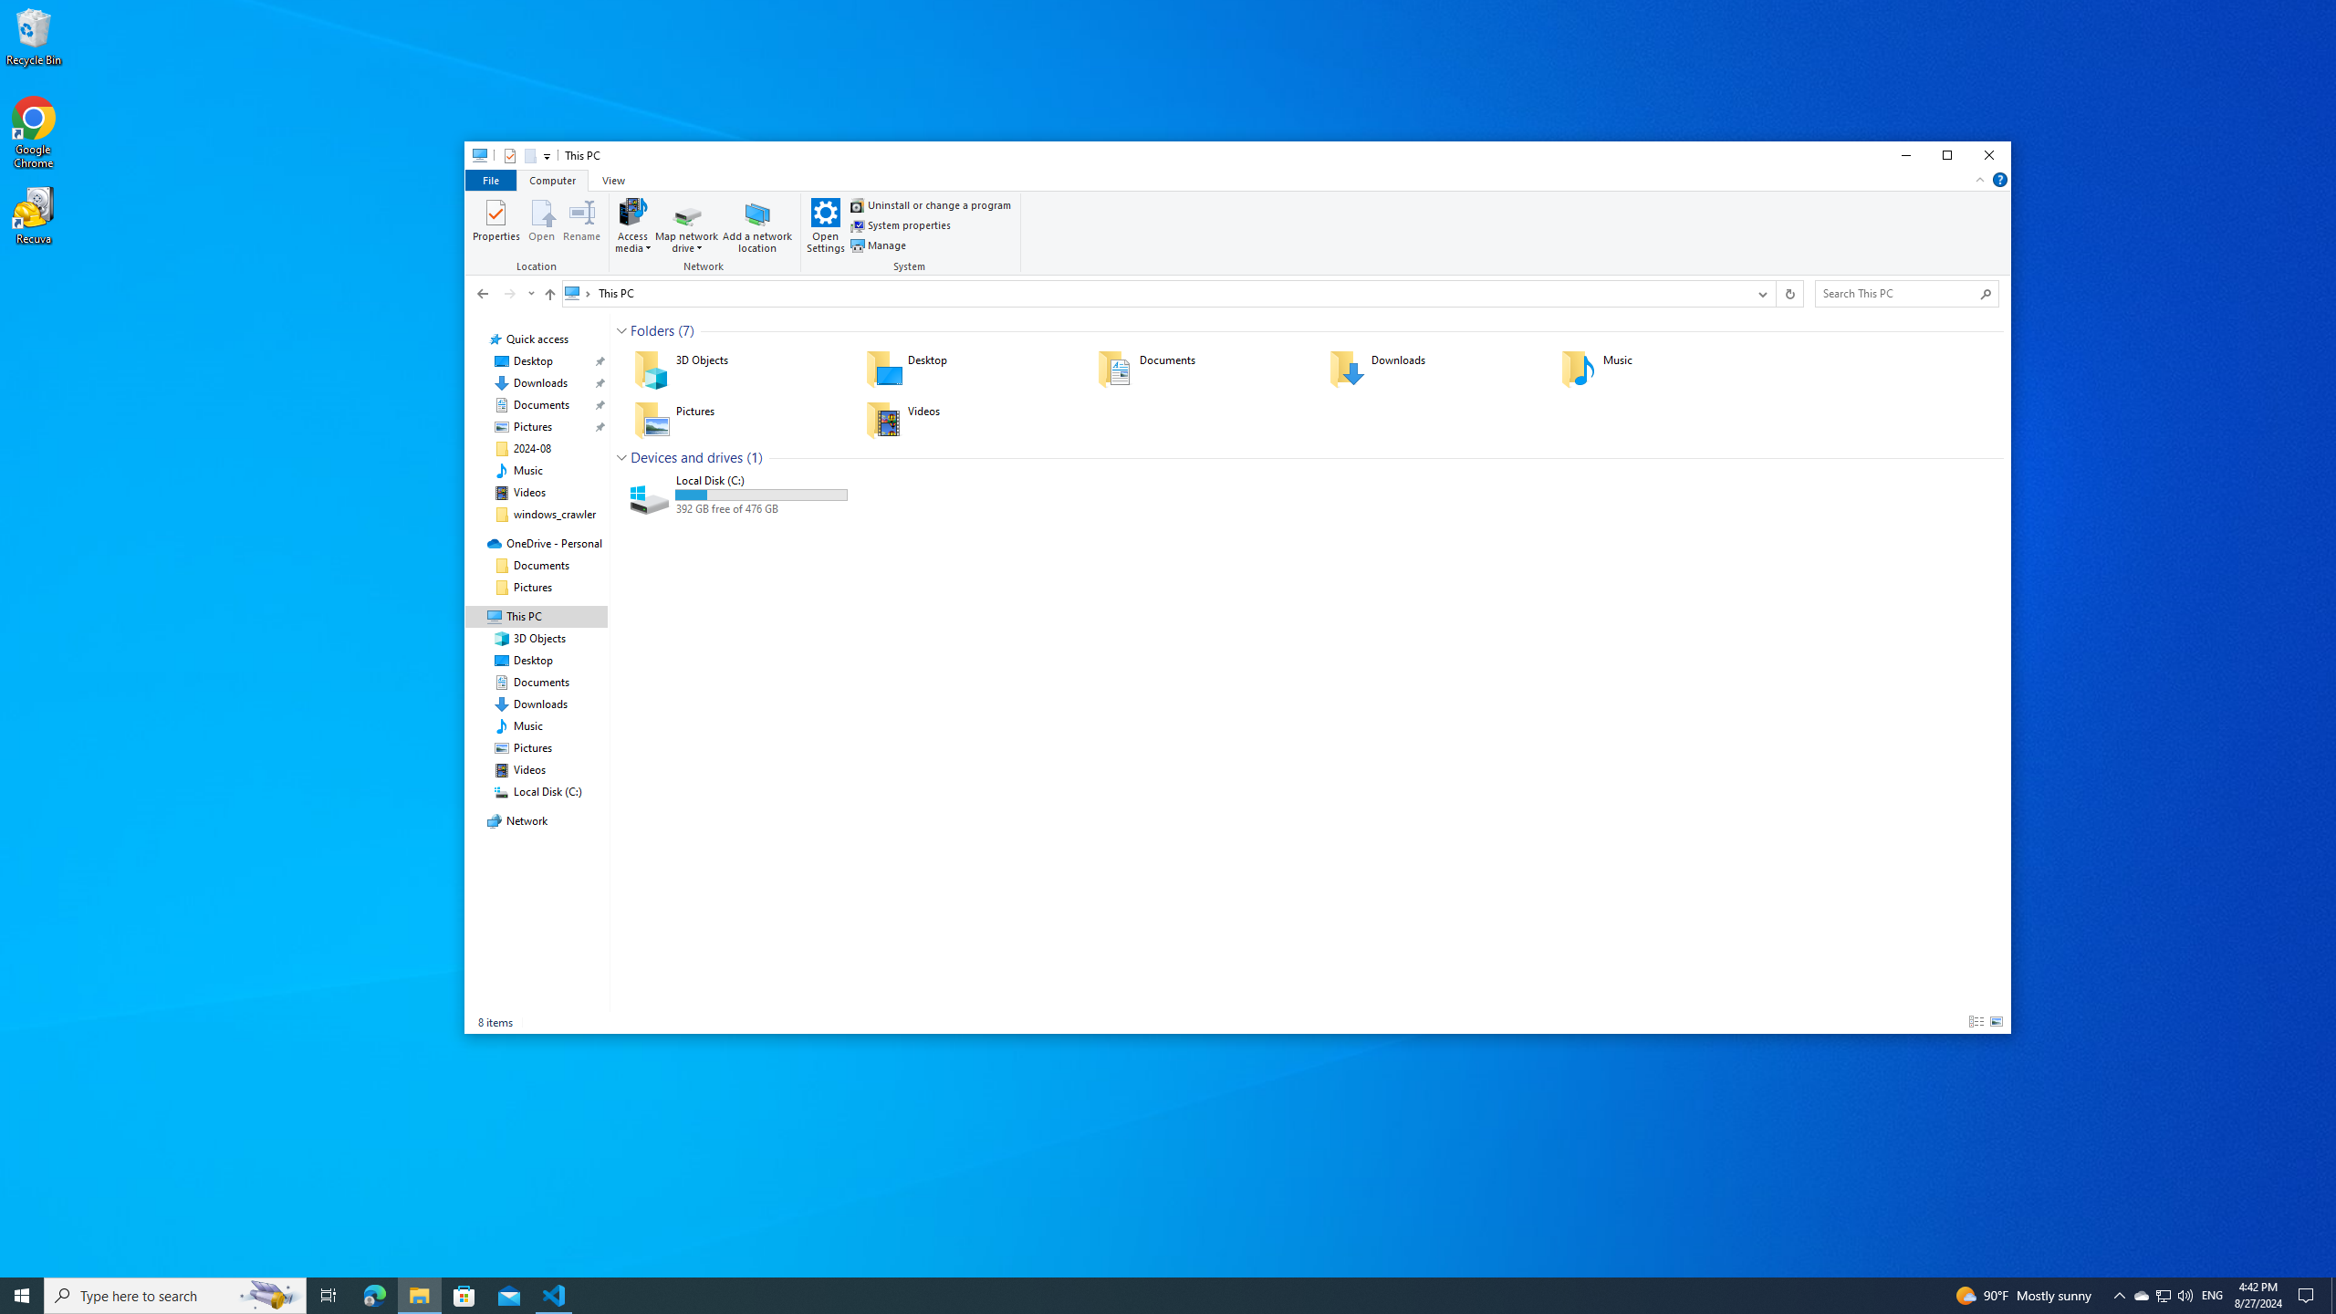 This screenshot has width=2336, height=1314. Describe the element at coordinates (760, 494) in the screenshot. I see `'Space used'` at that location.